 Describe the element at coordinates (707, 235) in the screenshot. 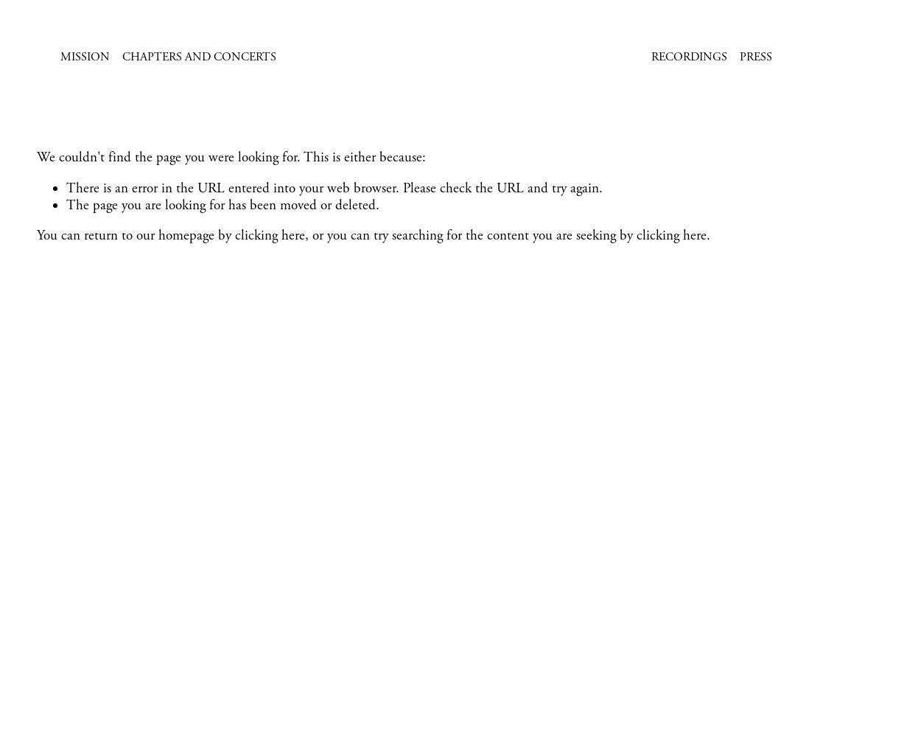

I see `'.'` at that location.